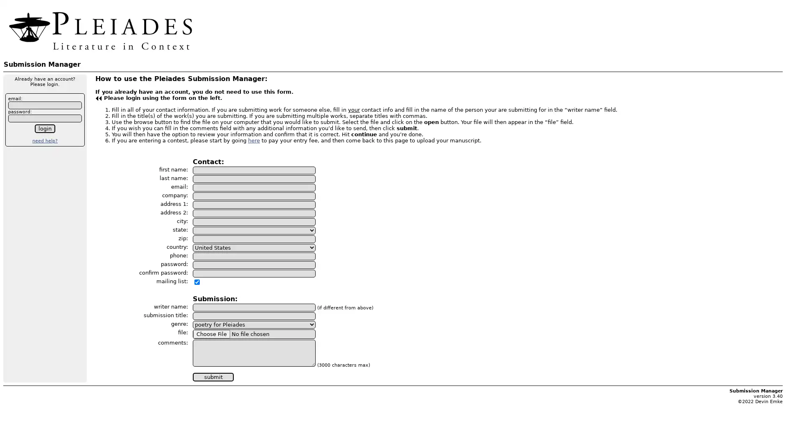 The image size is (786, 442). Describe the element at coordinates (253, 334) in the screenshot. I see `file:` at that location.